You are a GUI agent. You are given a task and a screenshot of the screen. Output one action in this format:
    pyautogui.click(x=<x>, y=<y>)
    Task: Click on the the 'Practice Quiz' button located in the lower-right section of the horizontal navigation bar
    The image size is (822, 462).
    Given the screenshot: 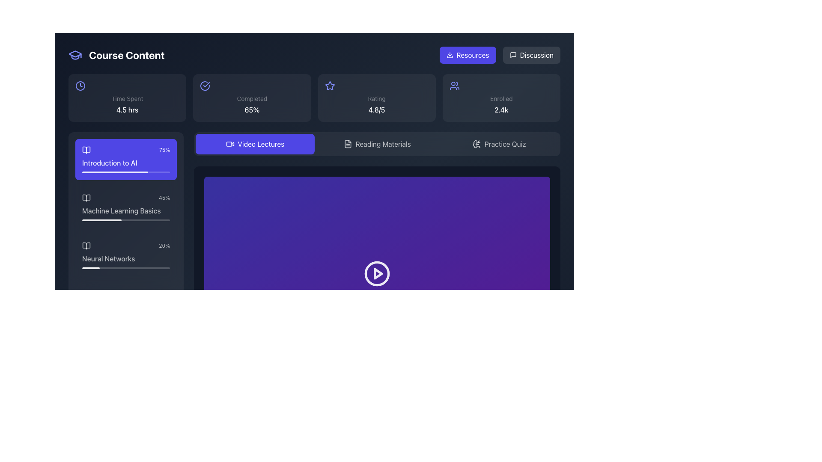 What is the action you would take?
    pyautogui.click(x=505, y=143)
    